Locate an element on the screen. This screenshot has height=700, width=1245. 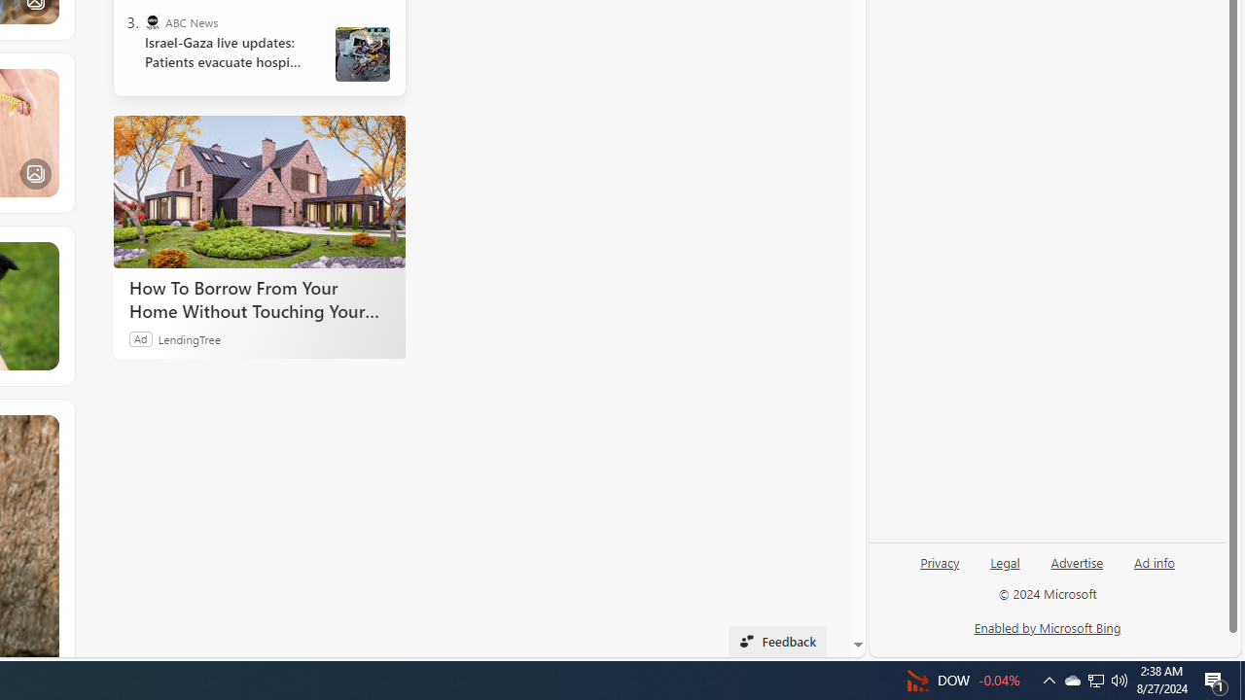
'Legal' is located at coordinates (1005, 569).